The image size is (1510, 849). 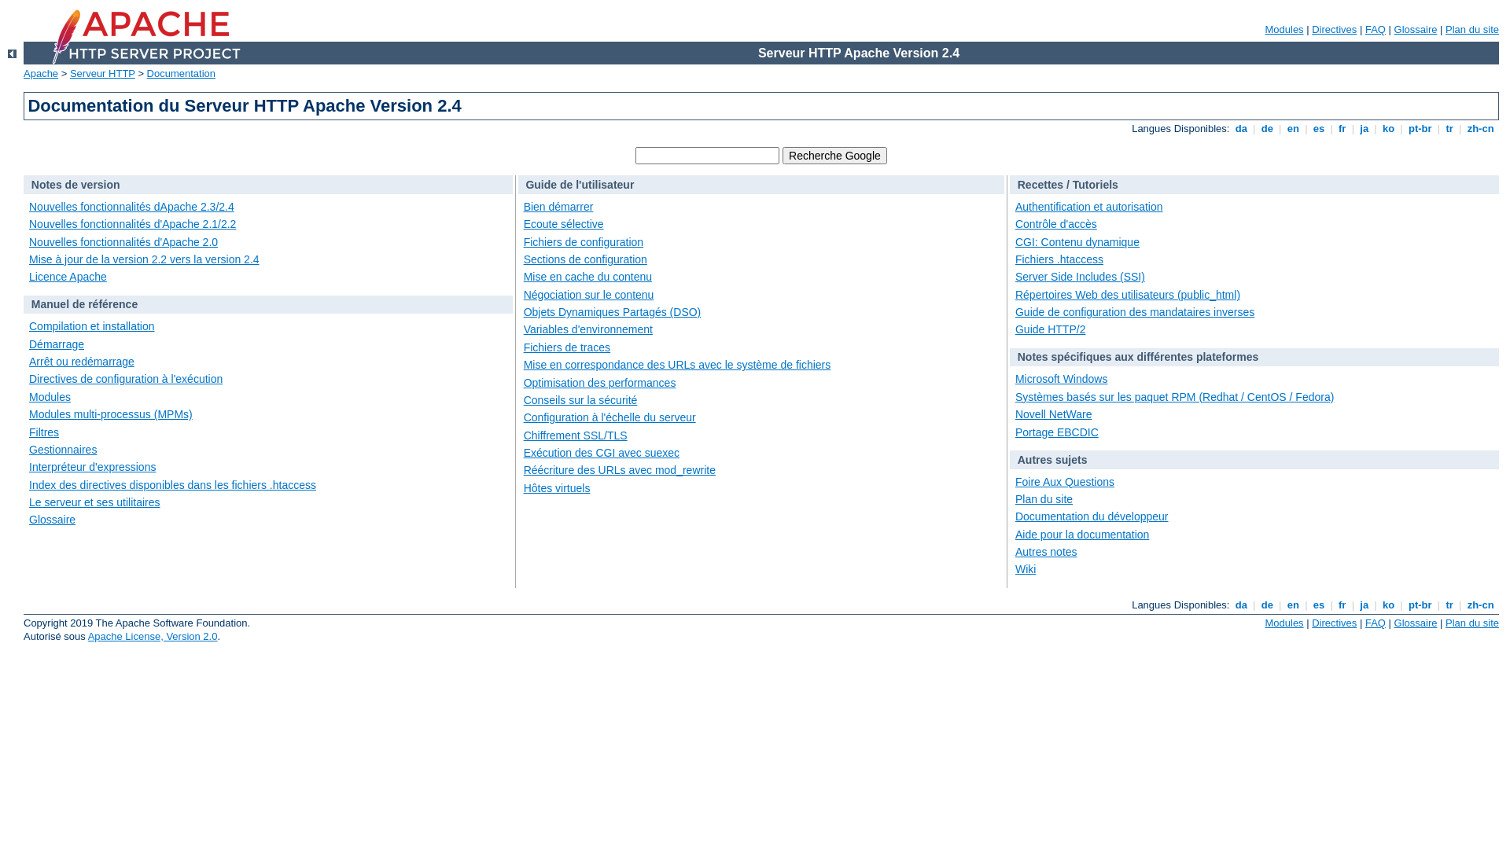 I want to click on 'Novell NetWare', so click(x=1053, y=413).